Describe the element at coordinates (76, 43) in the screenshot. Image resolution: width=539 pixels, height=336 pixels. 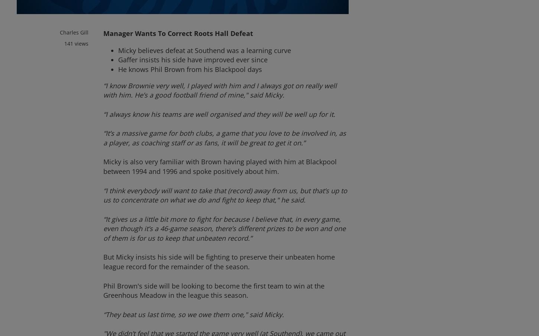
I see `'141 views'` at that location.